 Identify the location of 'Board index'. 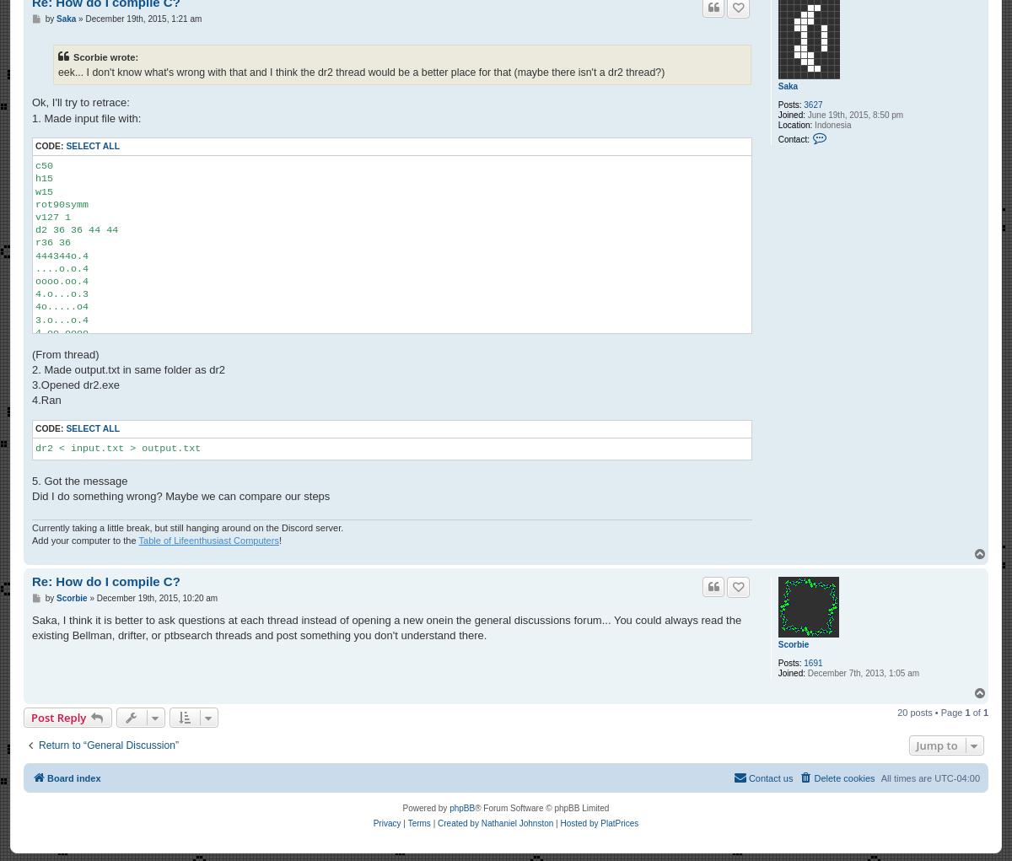
(47, 778).